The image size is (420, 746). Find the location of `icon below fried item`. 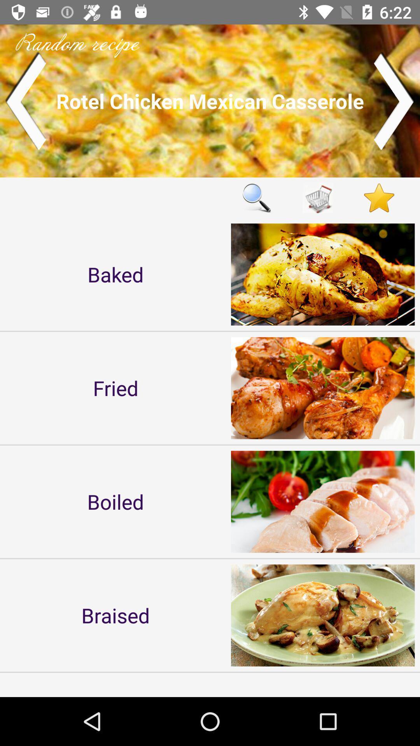

icon below fried item is located at coordinates (115, 502).